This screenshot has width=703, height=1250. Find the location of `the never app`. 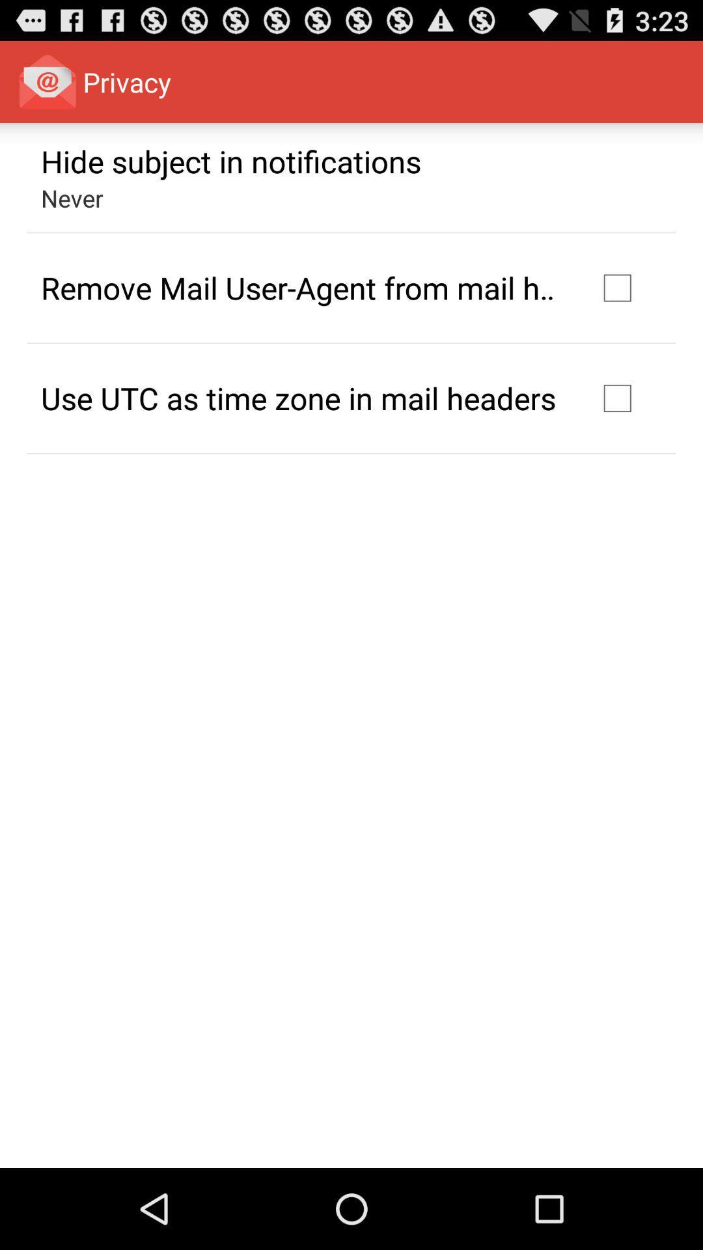

the never app is located at coordinates (72, 197).